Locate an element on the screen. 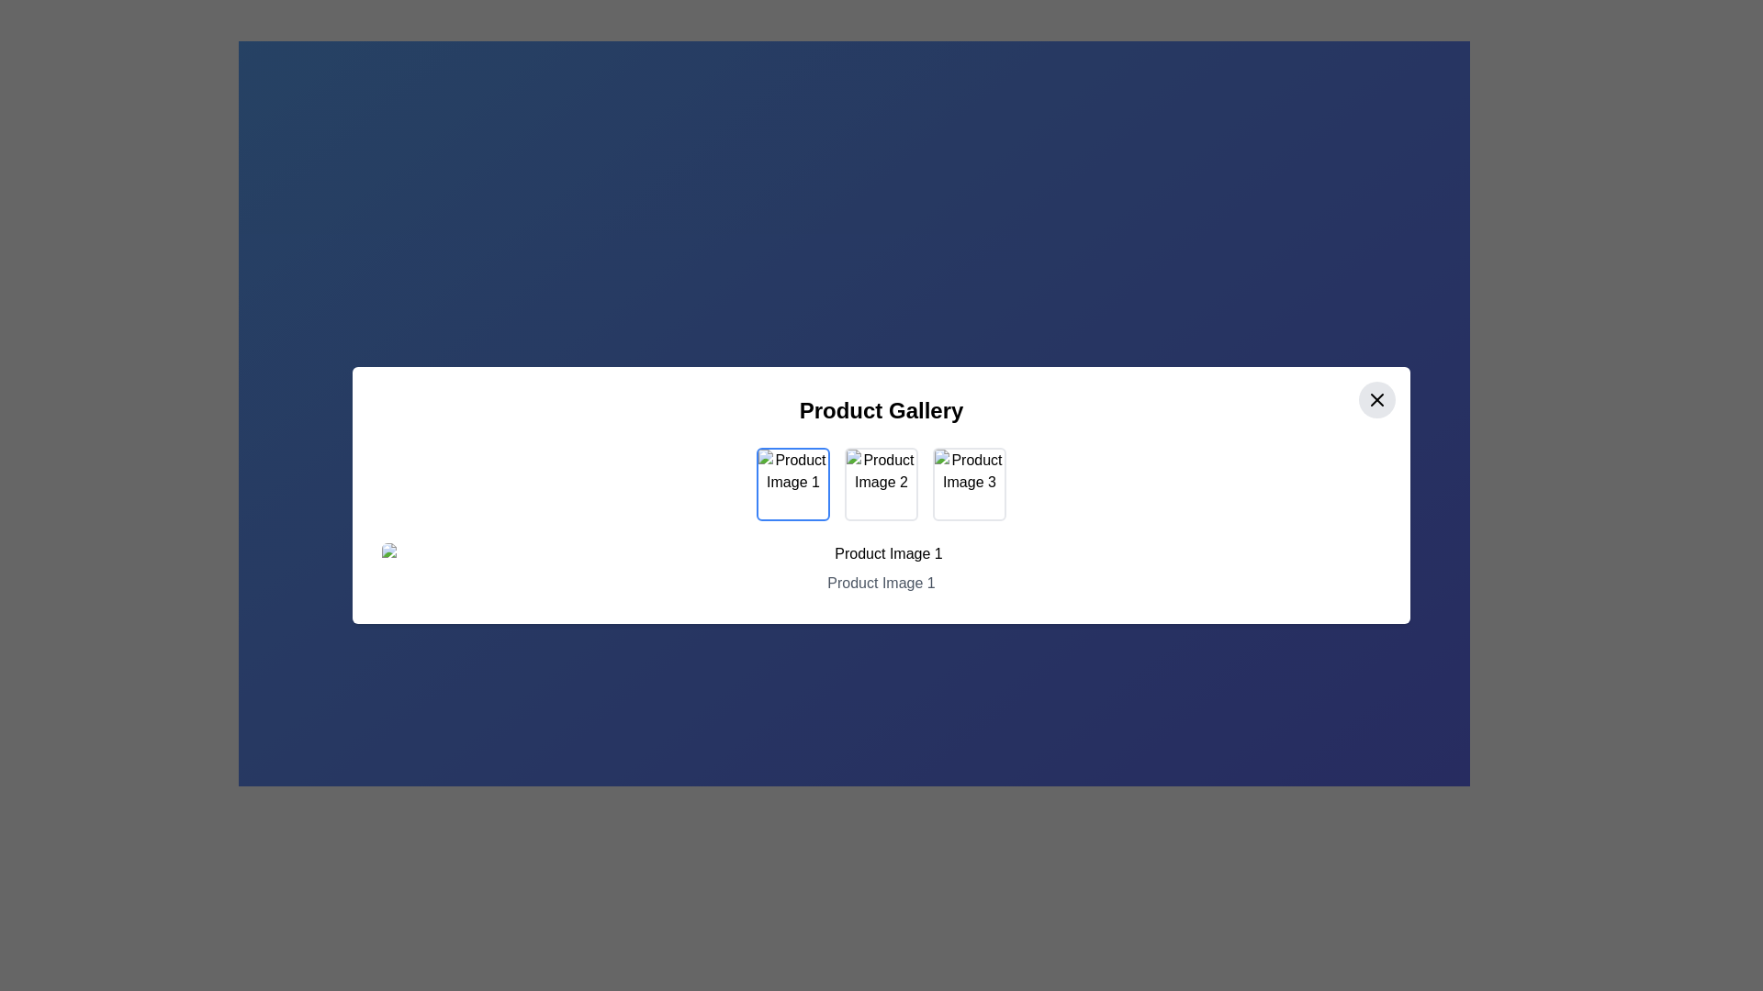  the image thumbnail labeled 'Product Image 3' at the far right of the 'Product Gallery' is located at coordinates (969, 484).